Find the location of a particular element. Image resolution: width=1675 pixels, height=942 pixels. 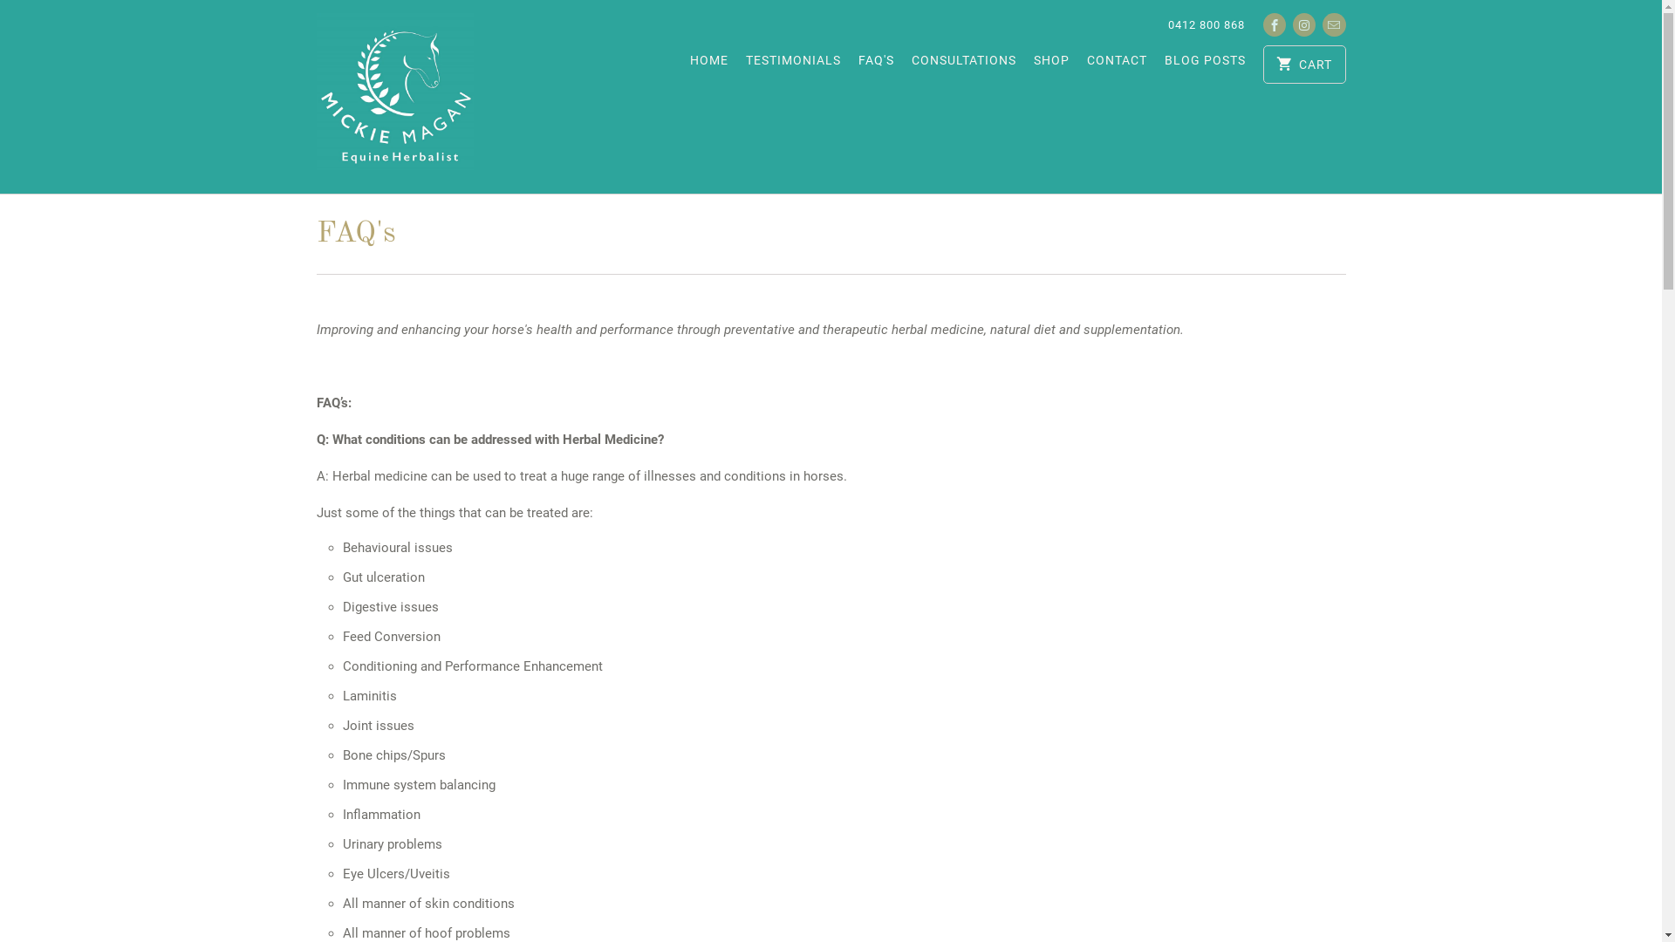

'FAQ'S' is located at coordinates (876, 63).